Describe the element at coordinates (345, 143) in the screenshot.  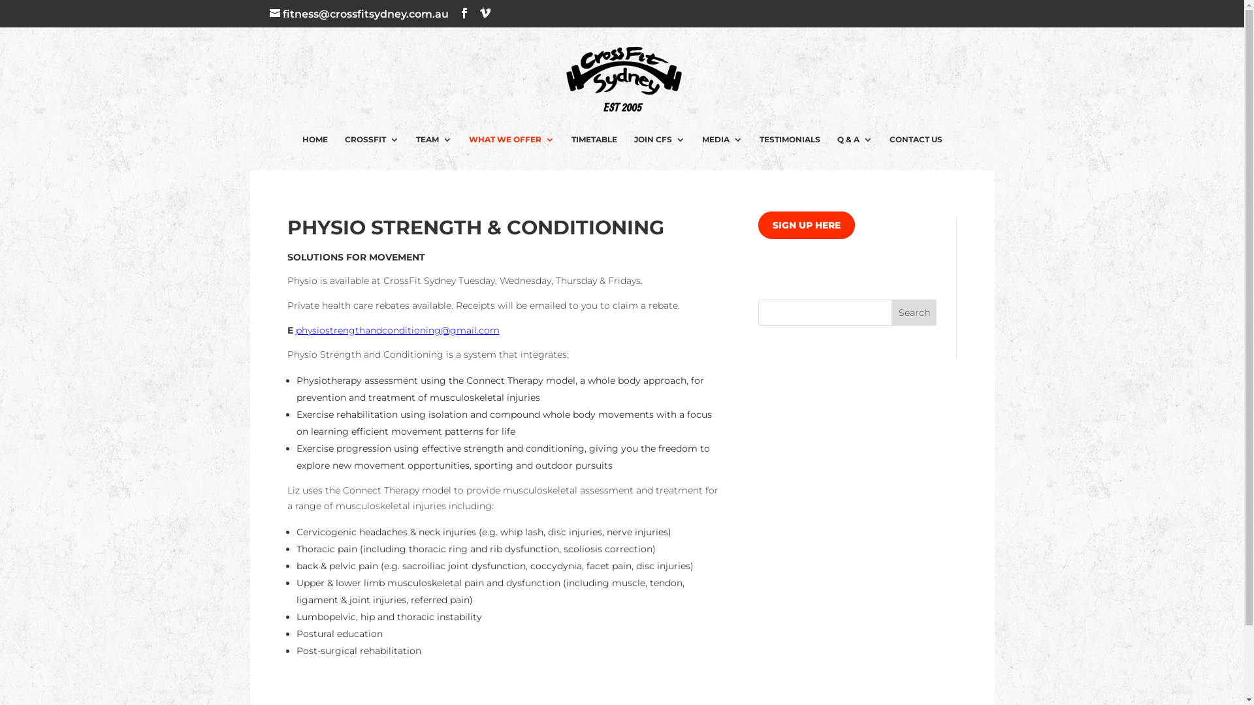
I see `'CROSSFIT'` at that location.